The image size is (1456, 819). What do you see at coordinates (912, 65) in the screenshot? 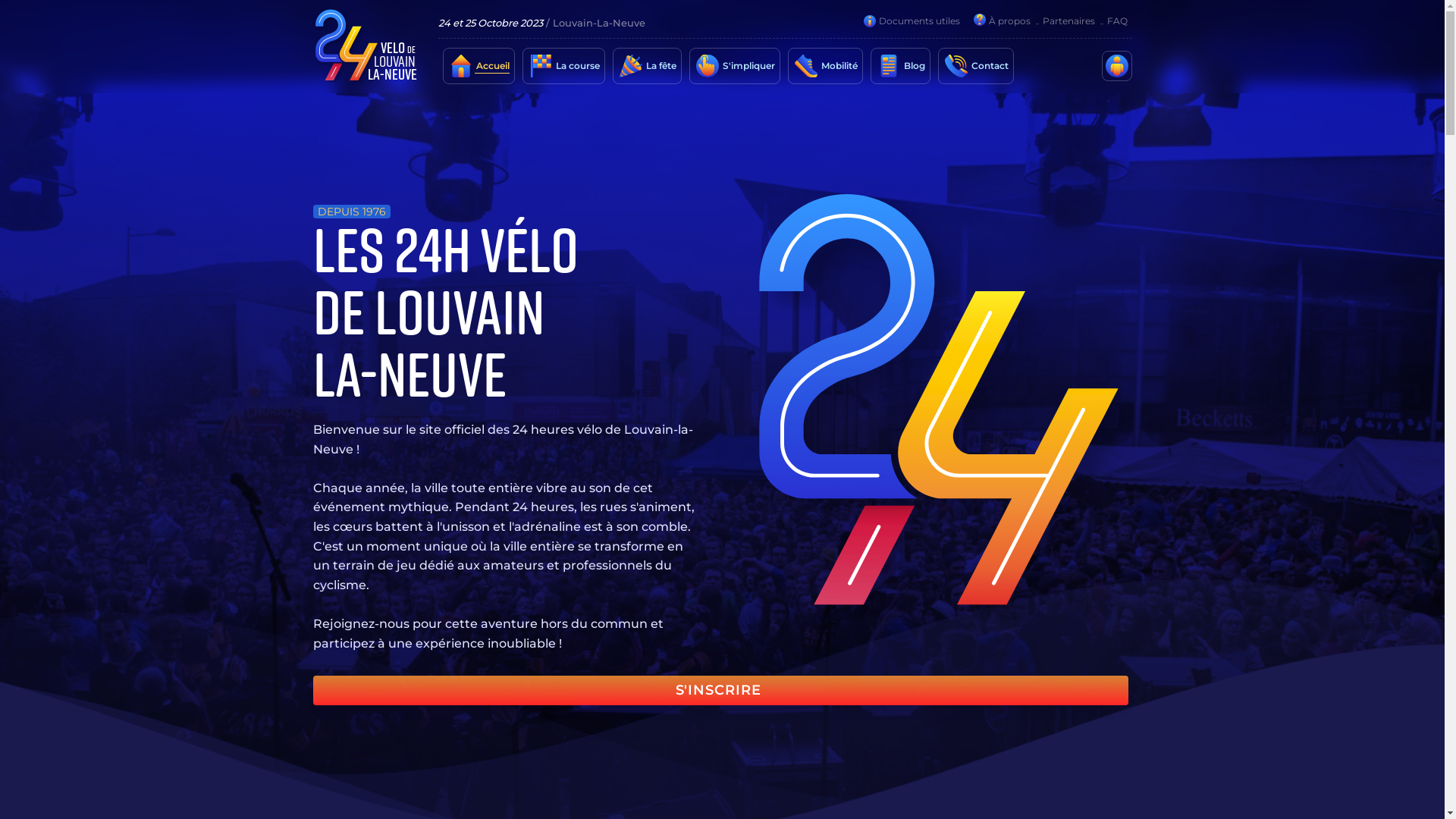
I see `'Blog'` at bounding box center [912, 65].